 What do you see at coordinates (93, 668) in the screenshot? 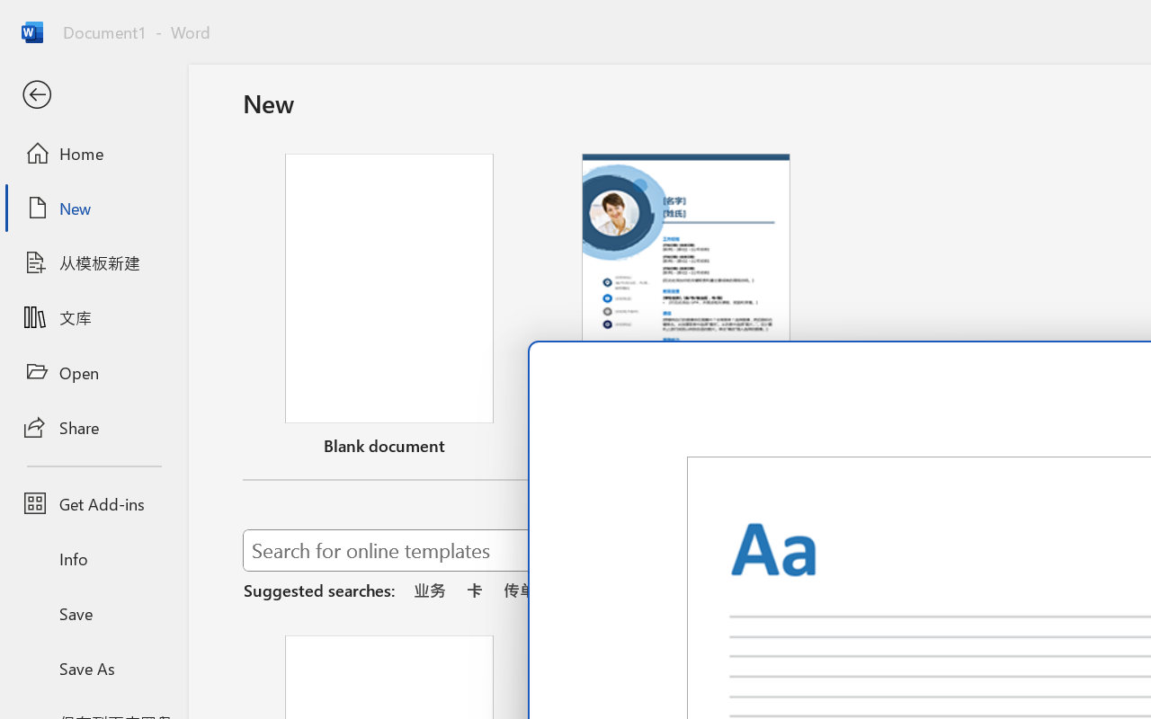
I see `'Save As'` at bounding box center [93, 668].